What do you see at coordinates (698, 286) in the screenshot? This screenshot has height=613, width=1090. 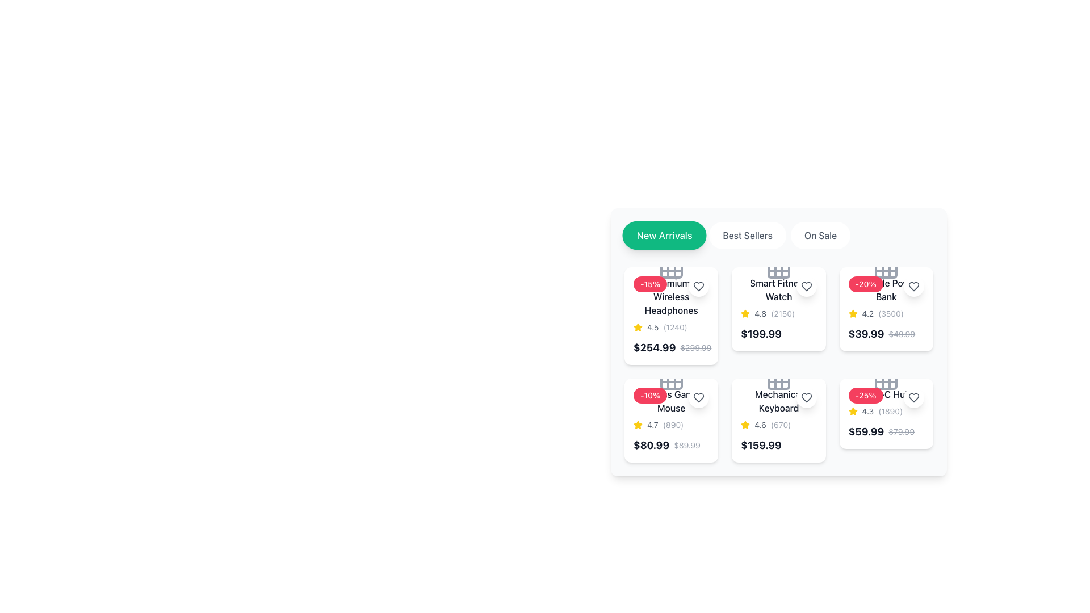 I see `the favorite/wishlist icon located in the top-right corner of the 'Premium Wireless Headphones' product card in the 'New Arrivals' section` at bounding box center [698, 286].